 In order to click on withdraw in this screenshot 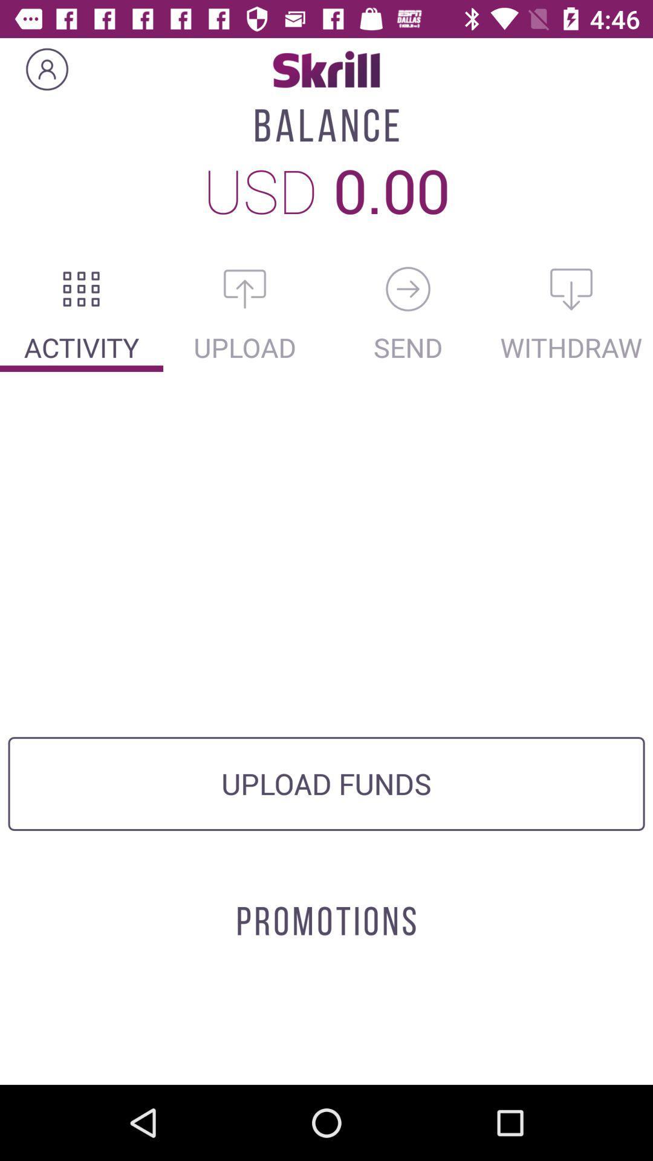, I will do `click(571, 288)`.